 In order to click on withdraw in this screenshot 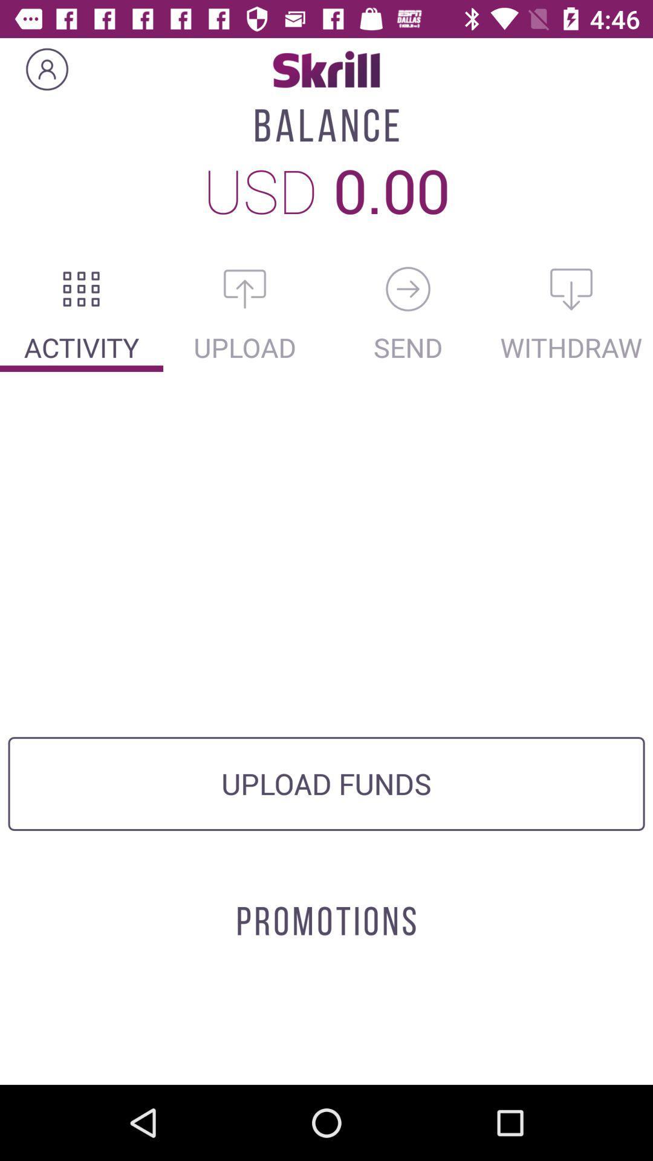, I will do `click(571, 288)`.